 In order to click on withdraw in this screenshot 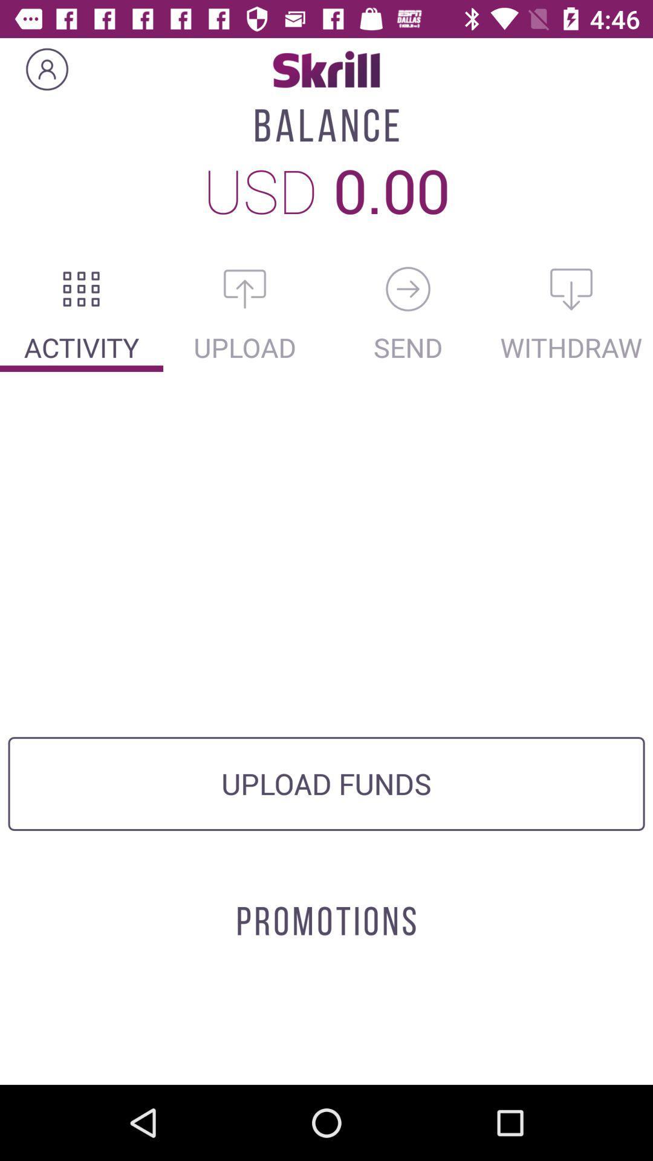, I will do `click(571, 288)`.